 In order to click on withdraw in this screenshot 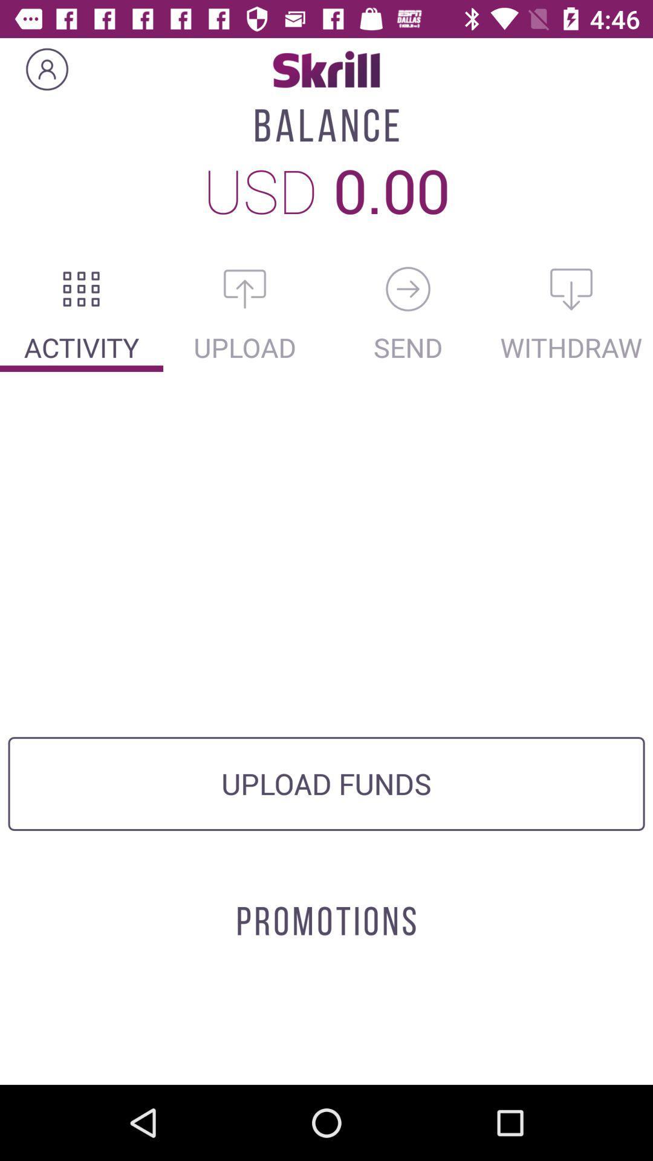, I will do `click(571, 288)`.